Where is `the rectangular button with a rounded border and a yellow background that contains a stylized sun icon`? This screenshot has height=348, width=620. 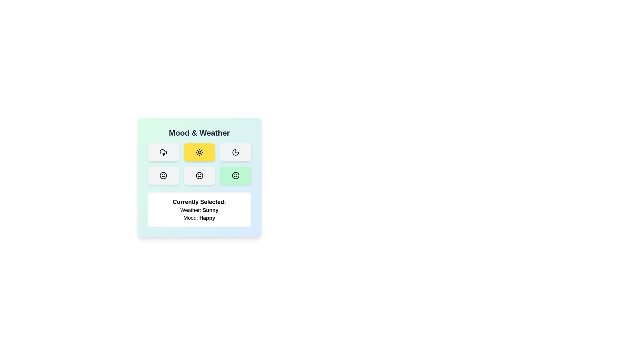
the rectangular button with a rounded border and a yellow background that contains a stylized sun icon is located at coordinates (199, 152).